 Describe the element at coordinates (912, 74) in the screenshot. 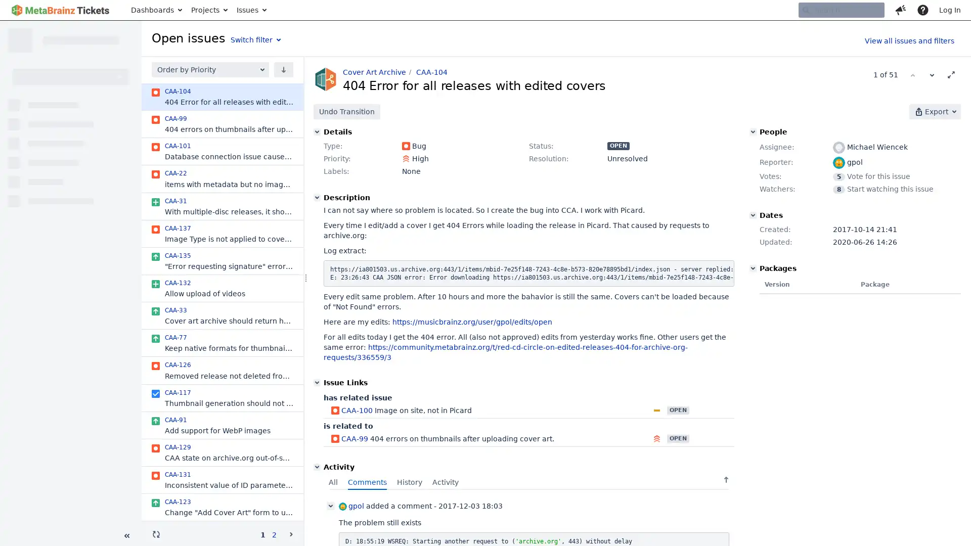

I see `Not available - this is the first issue` at that location.